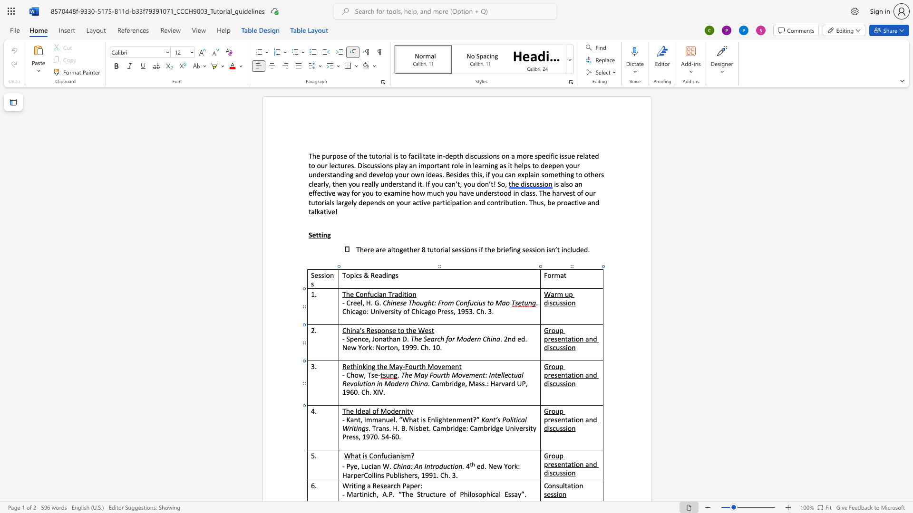 The image size is (913, 513). What do you see at coordinates (410, 410) in the screenshot?
I see `the space between the continuous character "t" and "y" in the text` at bounding box center [410, 410].